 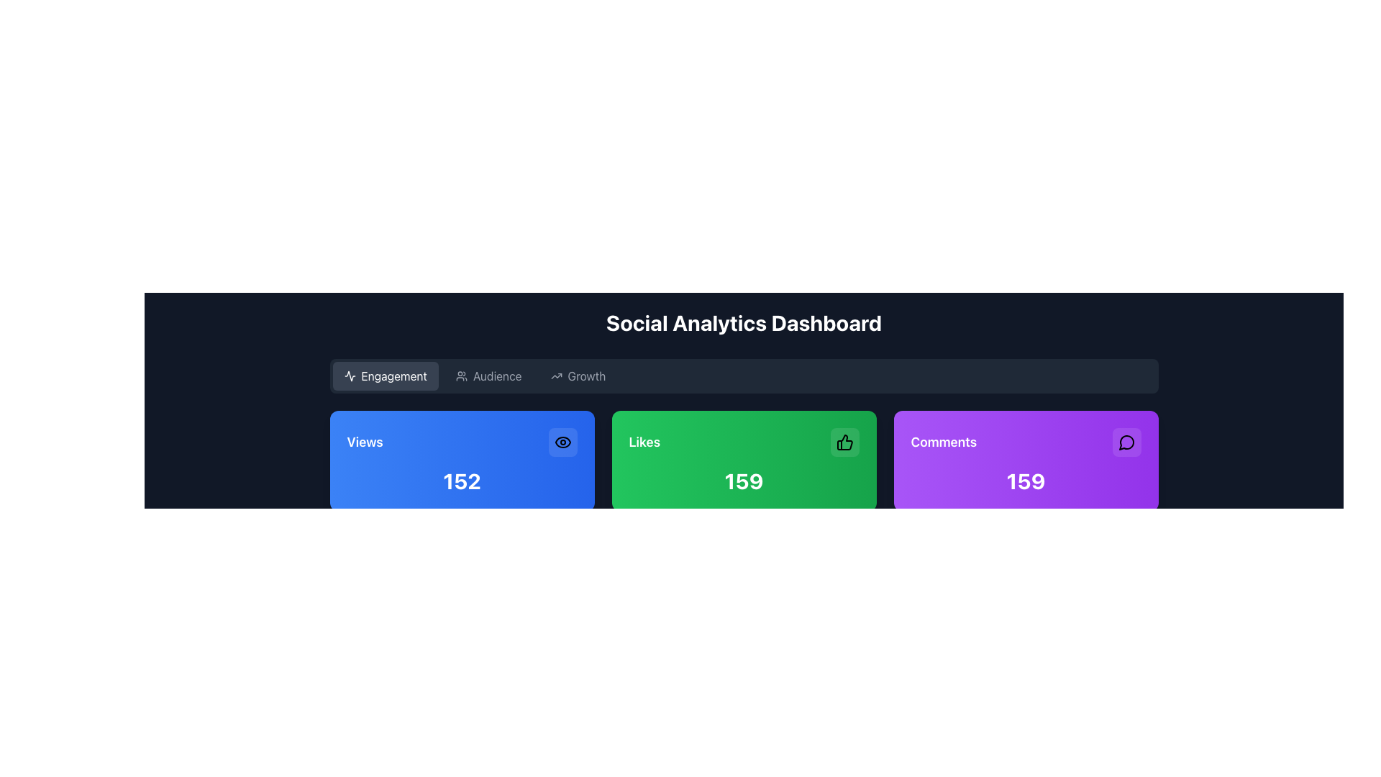 What do you see at coordinates (1126, 441) in the screenshot?
I see `the Icon button located at the rightmost side of the Comments section` at bounding box center [1126, 441].